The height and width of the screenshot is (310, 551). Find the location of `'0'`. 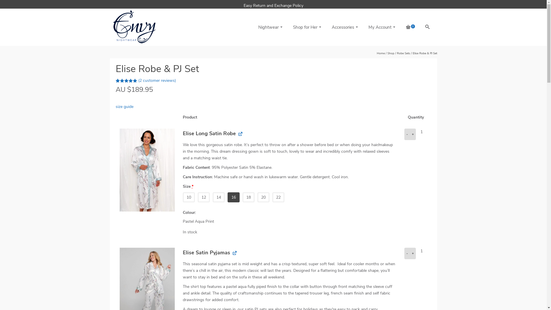

'0' is located at coordinates (409, 27).